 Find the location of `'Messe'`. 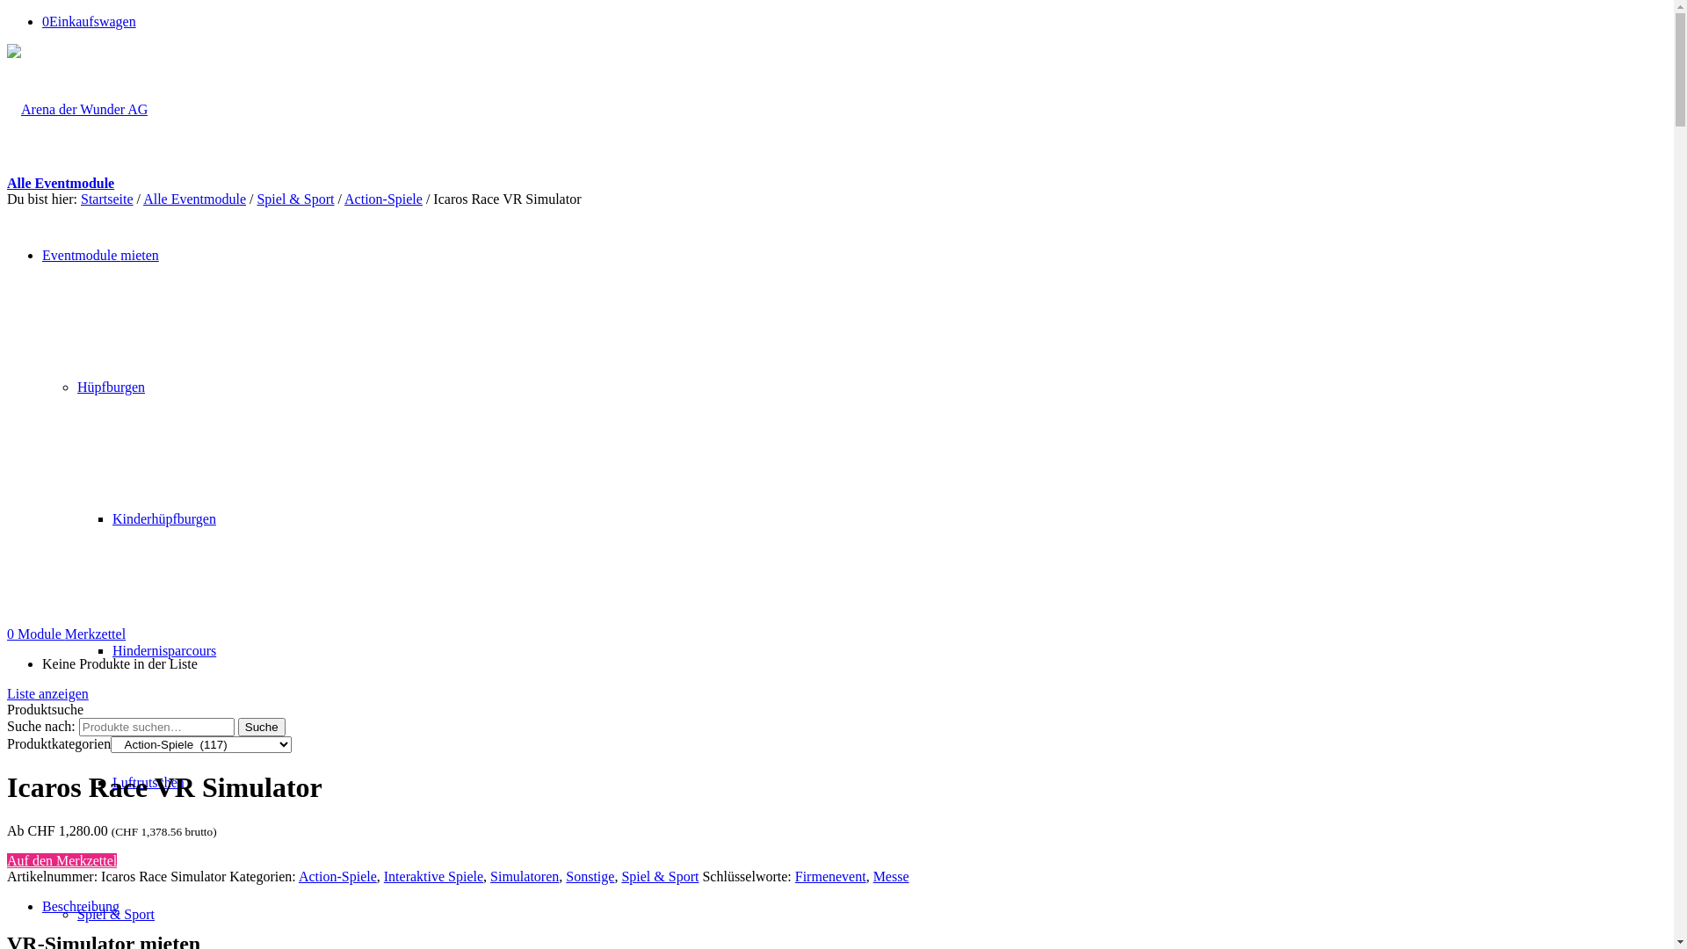

'Messe' is located at coordinates (891, 876).